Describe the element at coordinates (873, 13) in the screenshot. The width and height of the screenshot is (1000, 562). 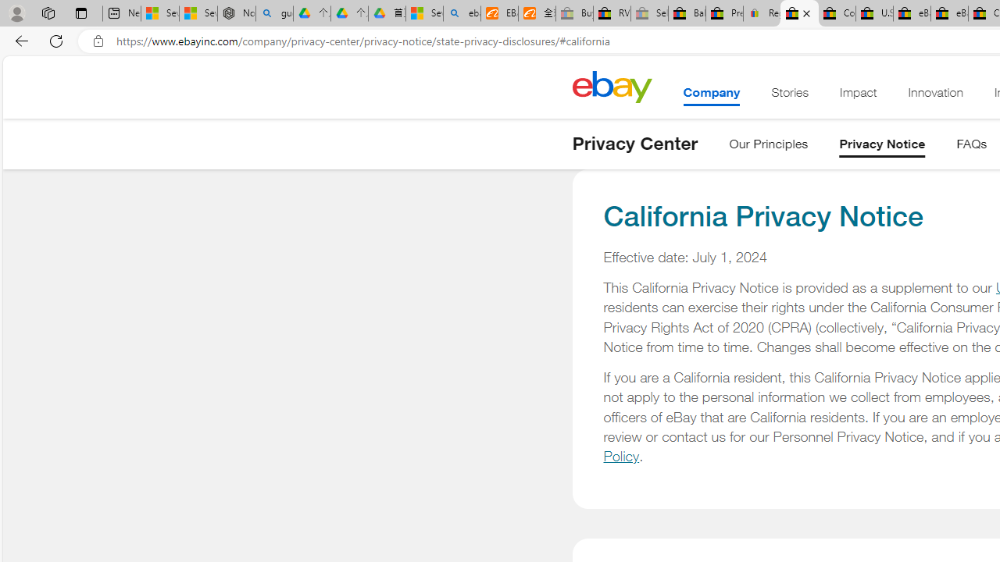
I see `'U.S. State Privacy Disclosures - eBay Inc.'` at that location.